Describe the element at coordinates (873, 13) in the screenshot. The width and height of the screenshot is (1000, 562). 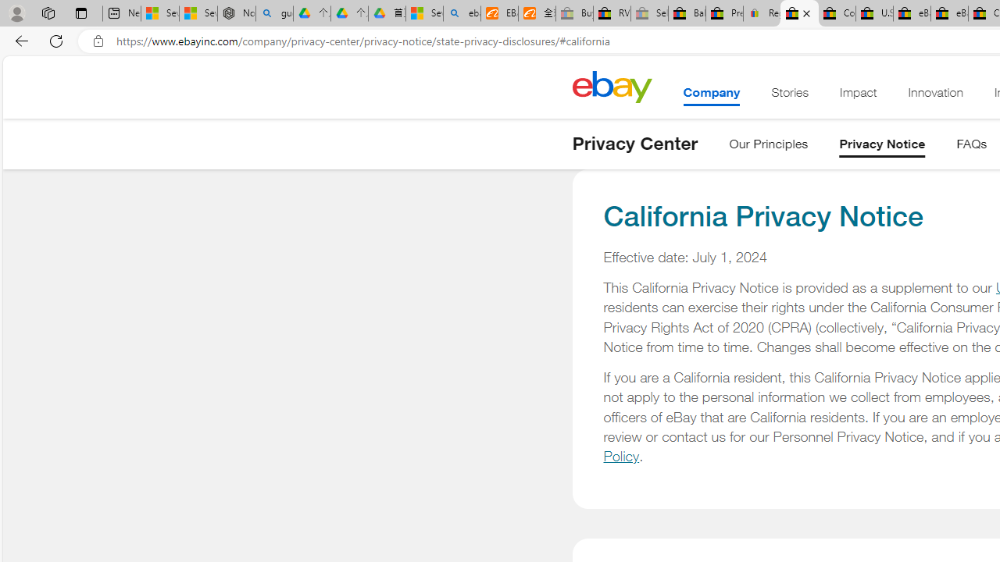
I see `'U.S. State Privacy Disclosures - eBay Inc.'` at that location.